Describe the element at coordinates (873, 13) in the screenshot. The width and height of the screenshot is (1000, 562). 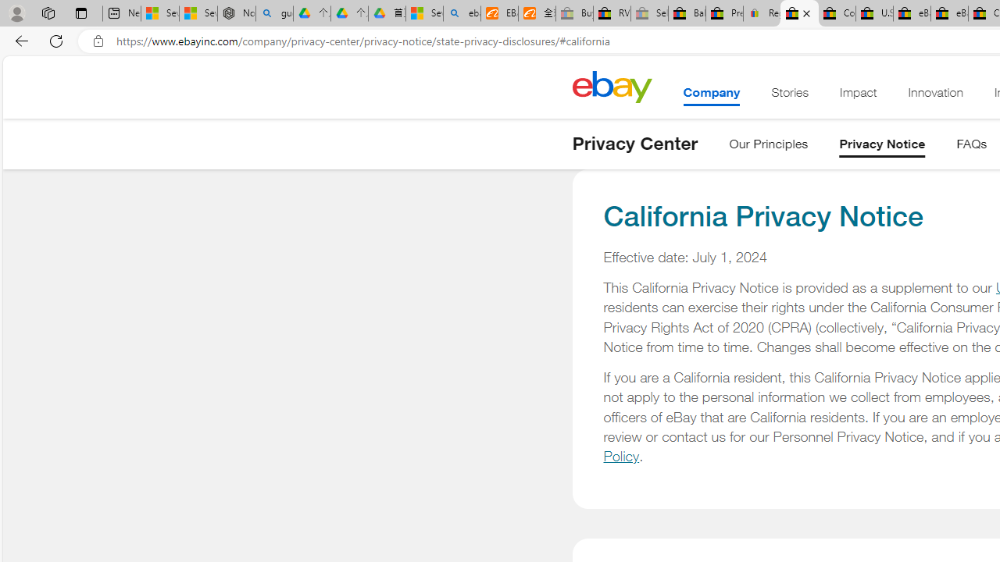
I see `'U.S. State Privacy Disclosures - eBay Inc.'` at that location.